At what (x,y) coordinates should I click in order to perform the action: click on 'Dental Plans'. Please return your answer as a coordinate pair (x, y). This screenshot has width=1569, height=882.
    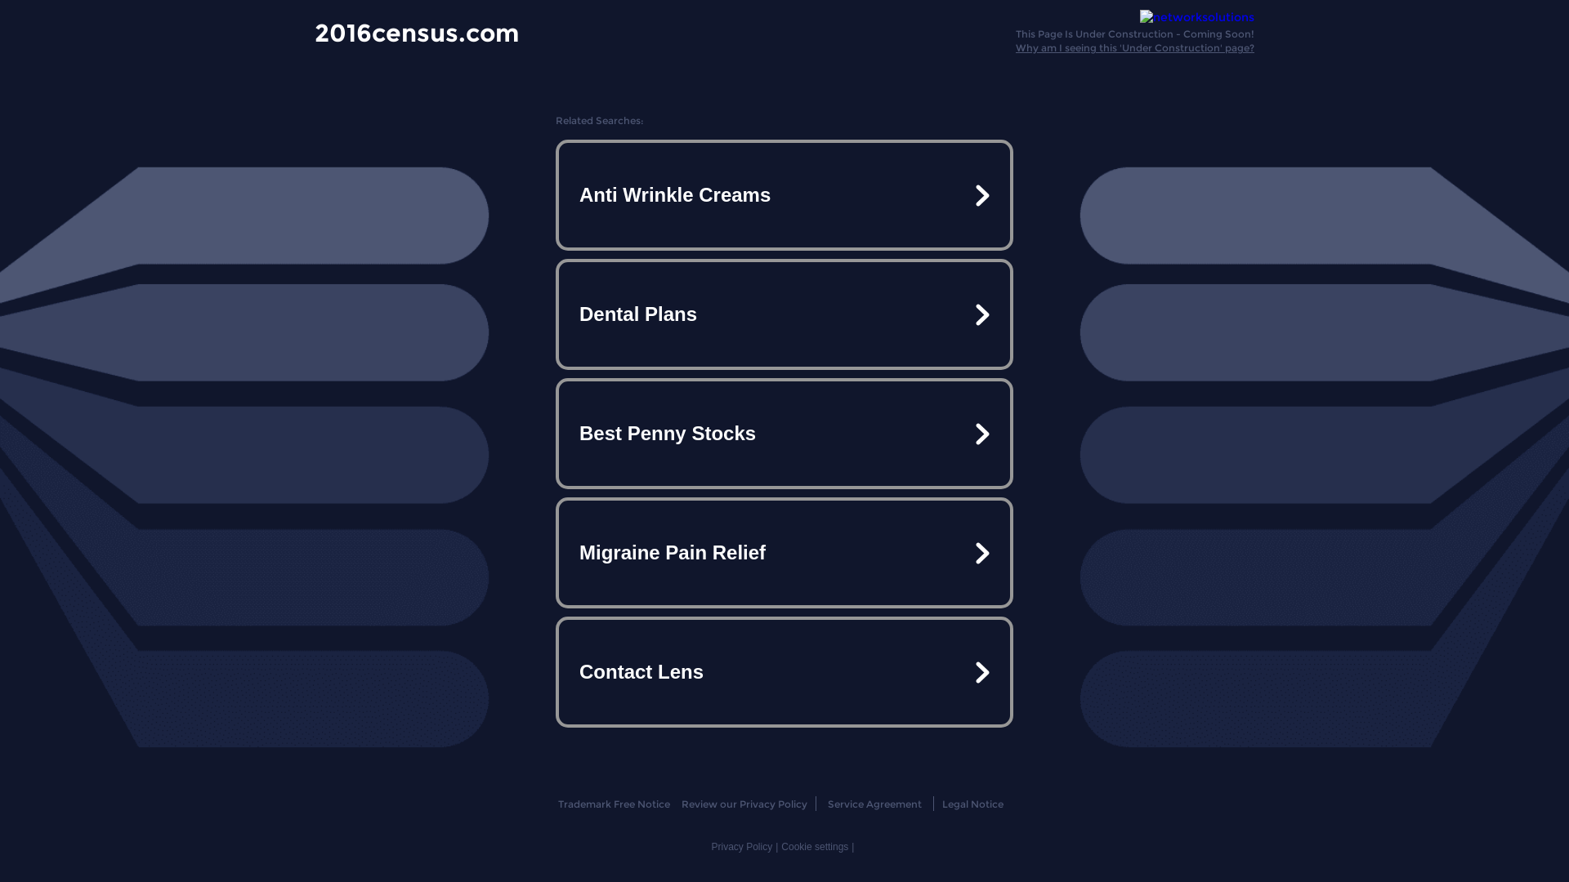
    Looking at the image, I should click on (784, 314).